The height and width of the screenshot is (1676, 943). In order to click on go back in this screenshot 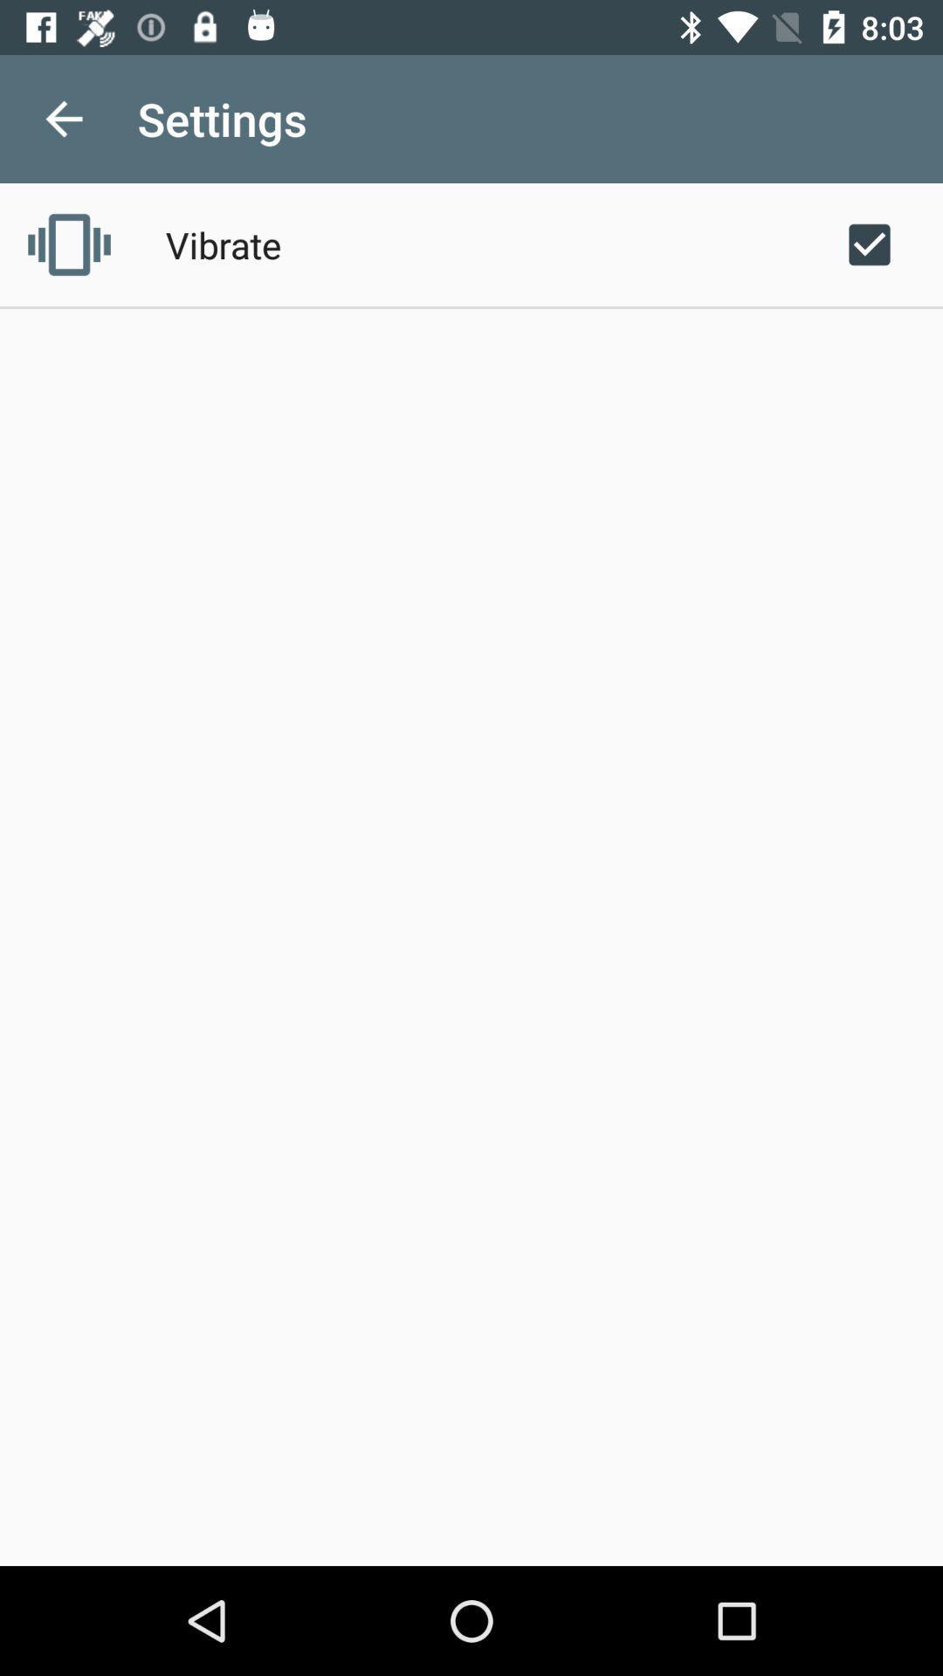, I will do `click(63, 118)`.